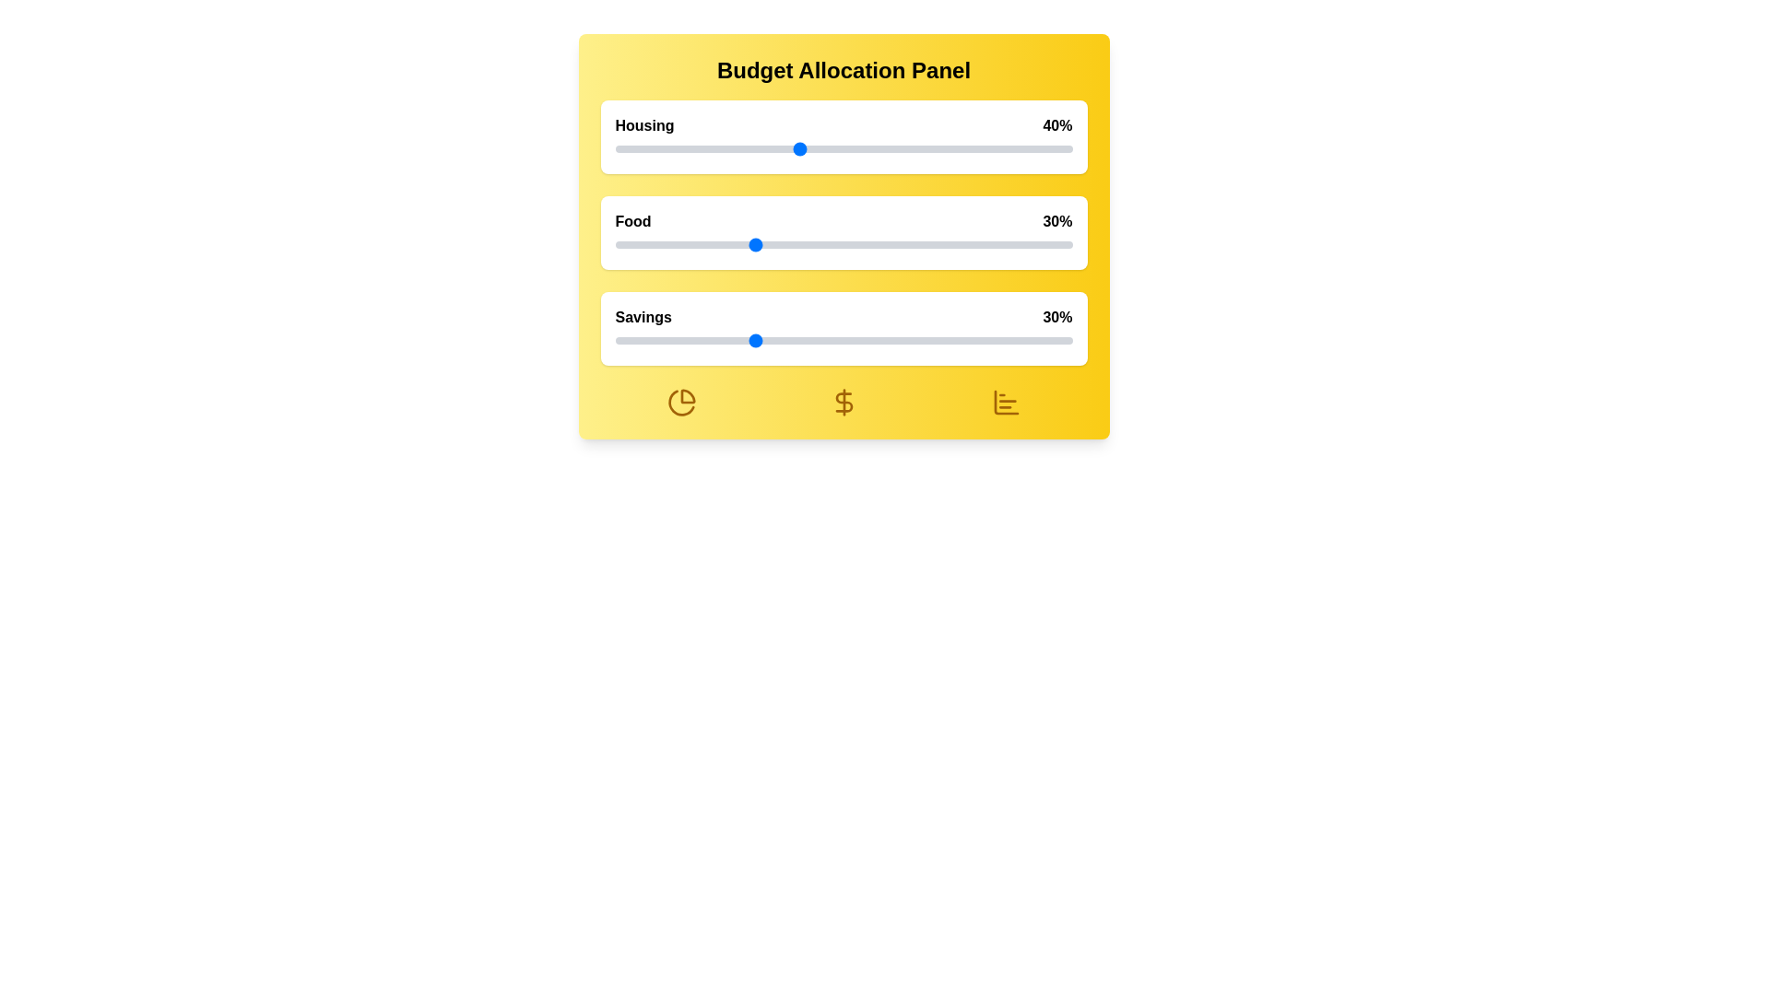 The height and width of the screenshot is (995, 1770). I want to click on text from the 'Food' label, which is a bold and dark text positioned on the second row of a vertically-stacked panel, so click(632, 220).